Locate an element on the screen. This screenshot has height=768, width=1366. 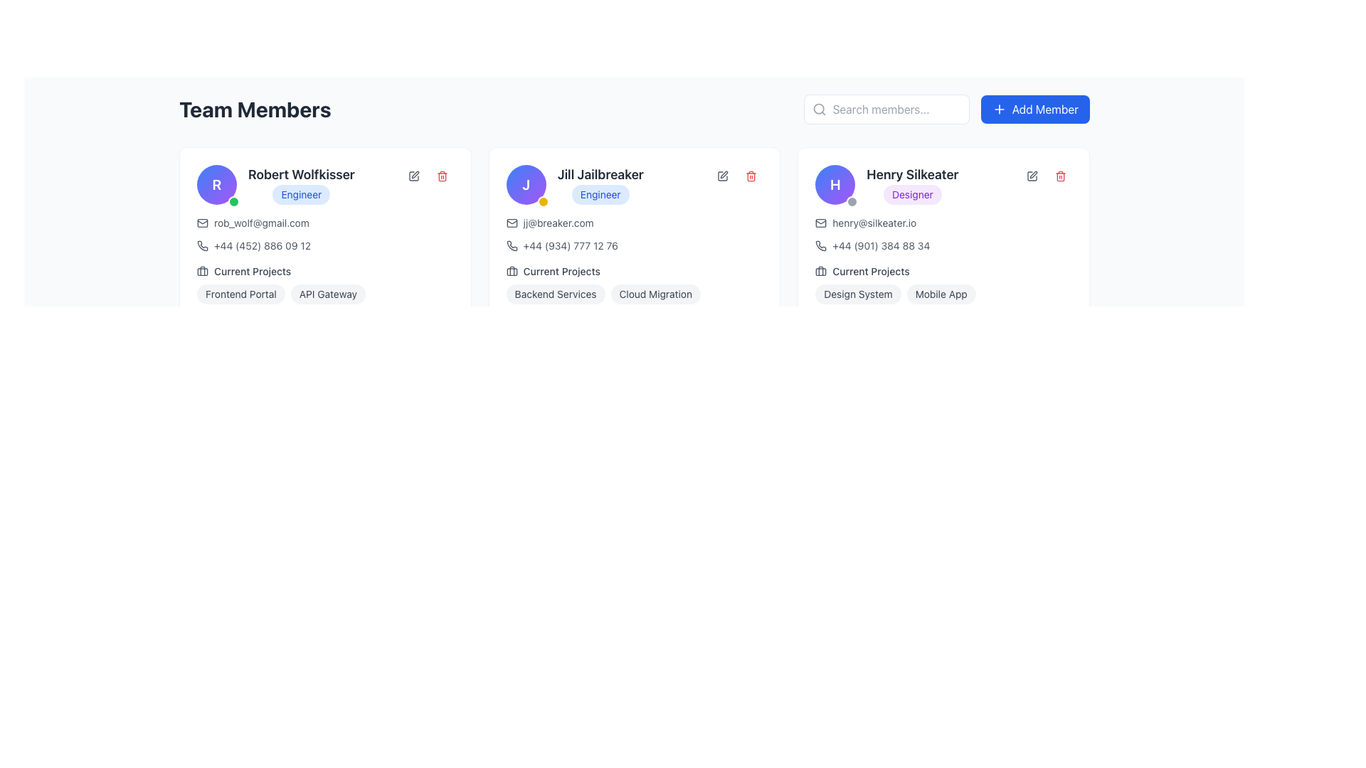
the tag displaying 'Frontend Portal', which has a light gray background and rounded corners is located at coordinates (240, 293).